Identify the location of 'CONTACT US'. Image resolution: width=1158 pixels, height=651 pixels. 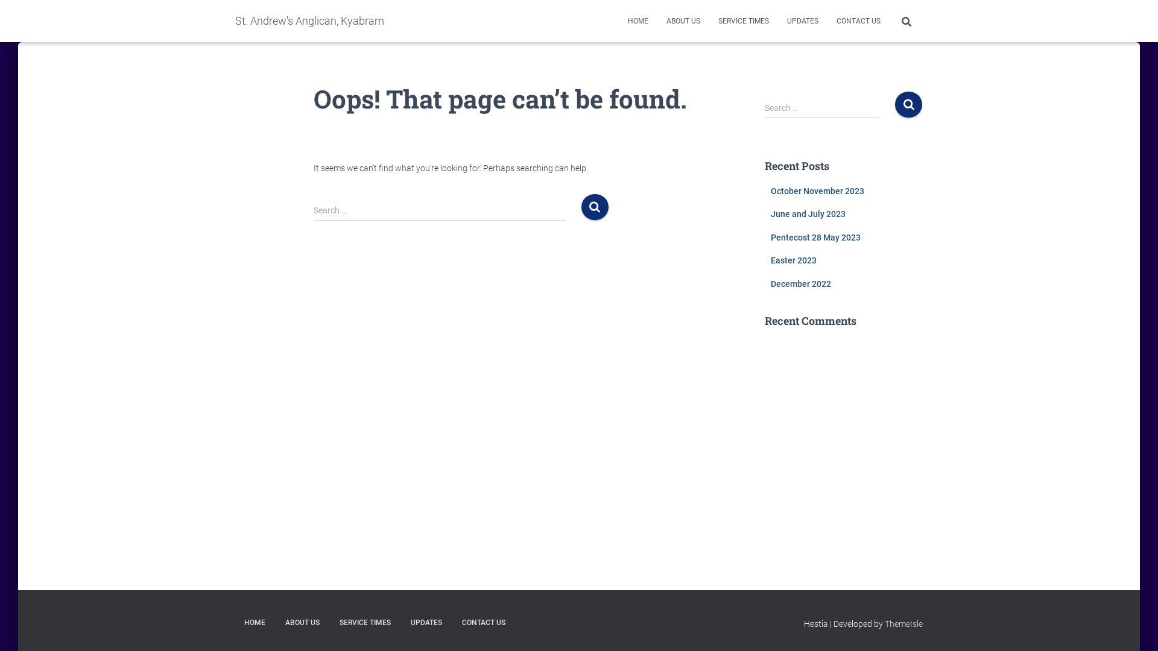
(858, 20).